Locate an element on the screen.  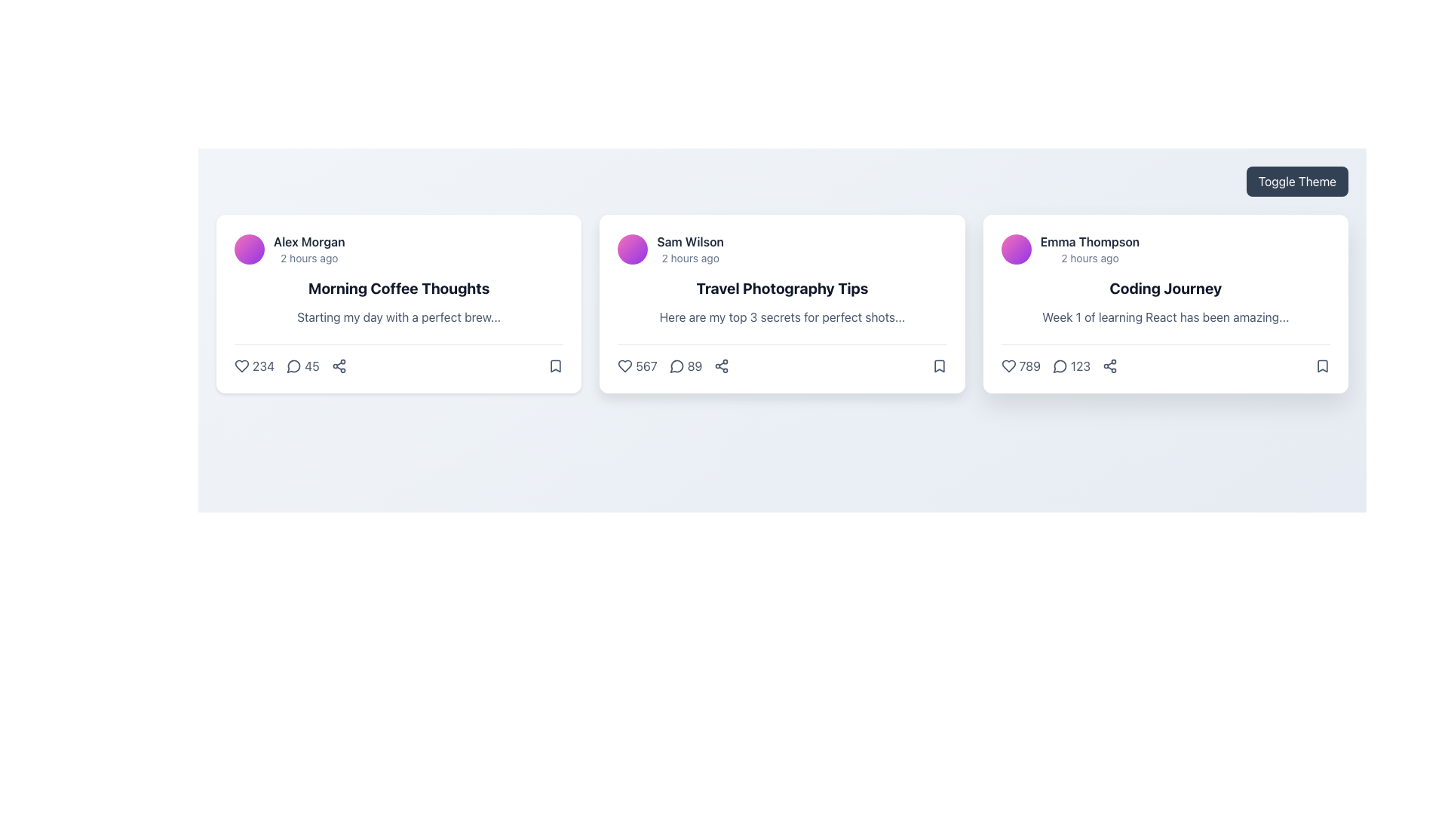
the share button, which is a small icon resembling three interconnected circles forming a triangular shape, located in the bottom-right corner of the third card, positioned before a bookmark icon is located at coordinates (1110, 366).